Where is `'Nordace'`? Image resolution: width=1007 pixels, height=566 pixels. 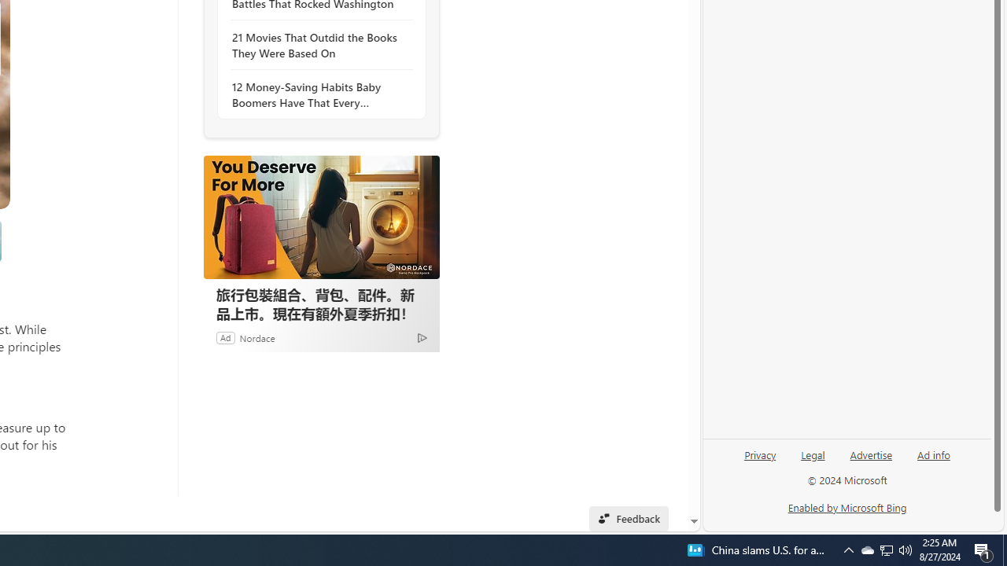 'Nordace' is located at coordinates (257, 336).